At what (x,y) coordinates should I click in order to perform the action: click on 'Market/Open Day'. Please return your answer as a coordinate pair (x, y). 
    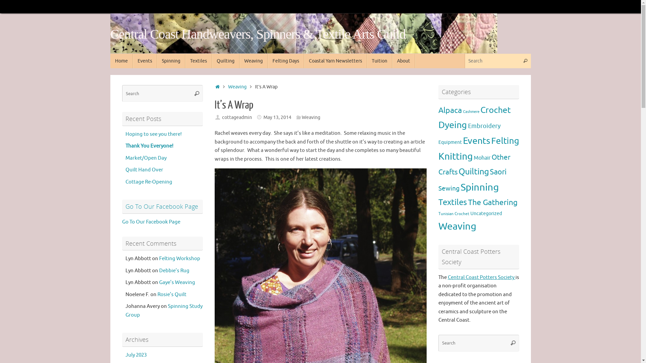
    Looking at the image, I should click on (125, 158).